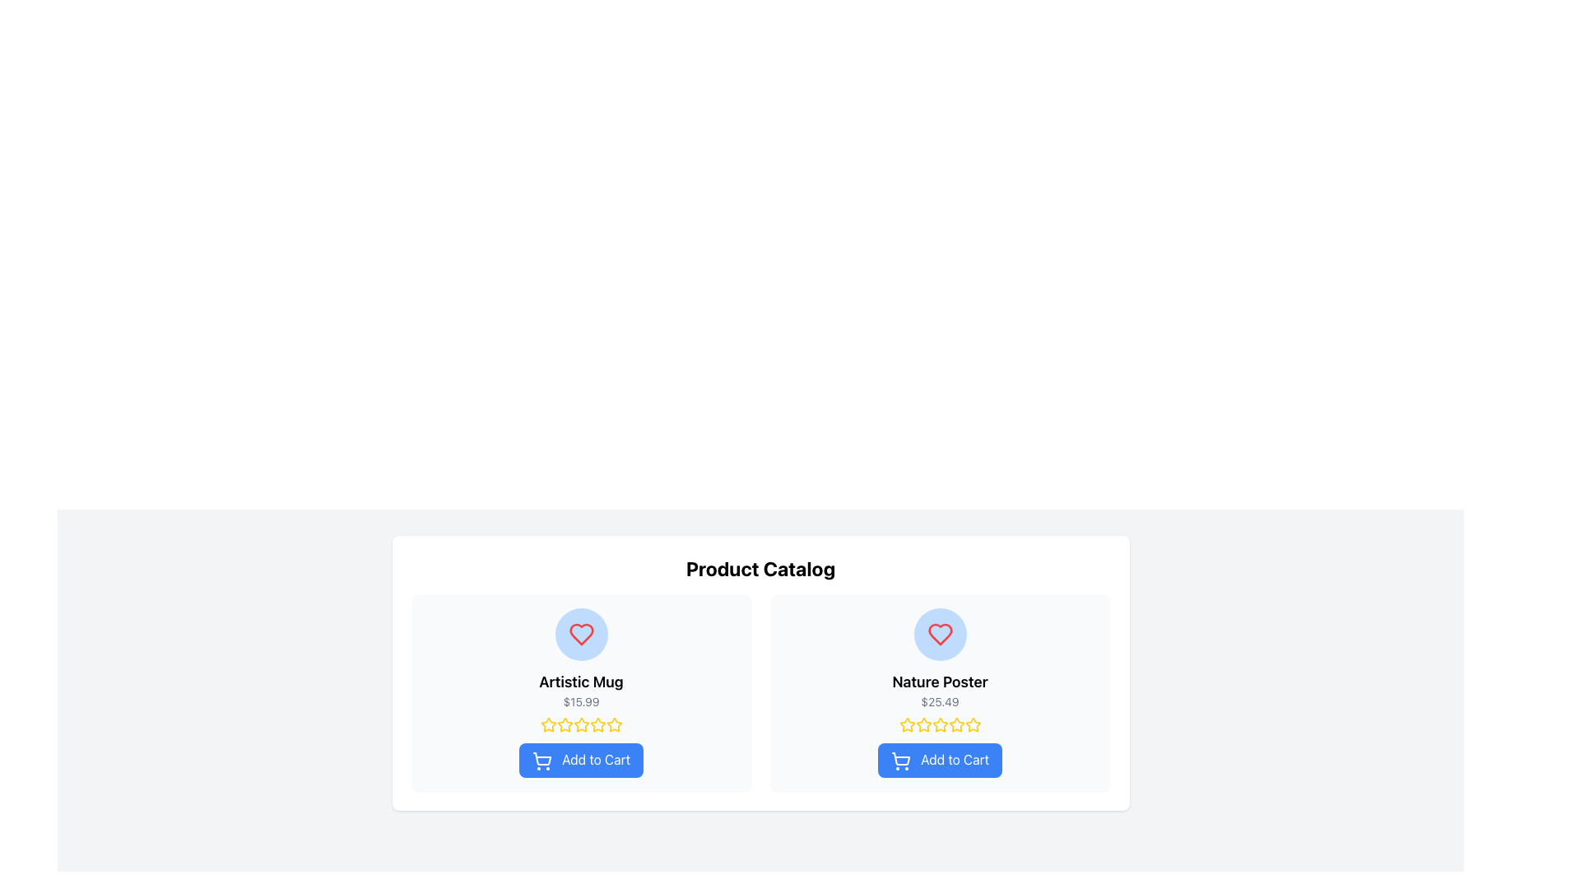 Image resolution: width=1580 pixels, height=889 pixels. What do you see at coordinates (581, 724) in the screenshot?
I see `on the fourth star icon used for ratings in the product card of 'Artistic Mug'` at bounding box center [581, 724].